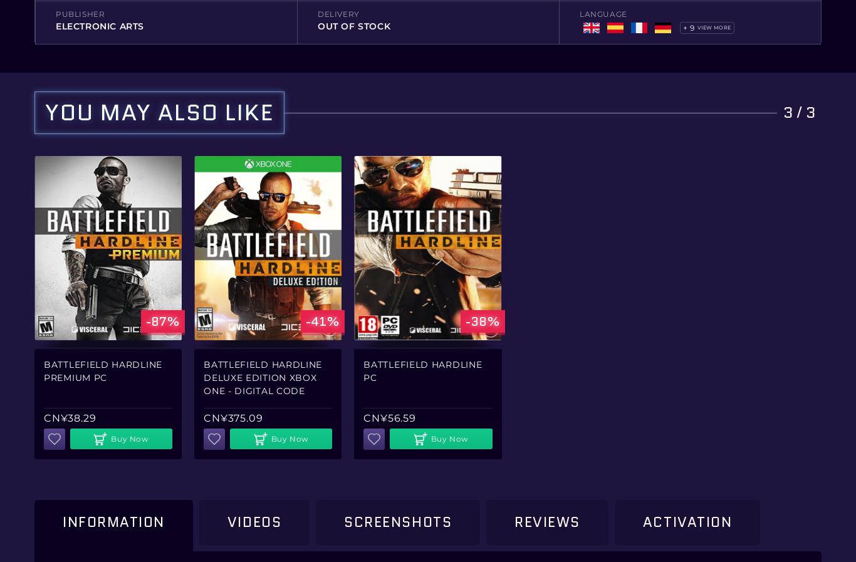 This screenshot has height=562, width=856. I want to click on 'Videos', so click(253, 521).